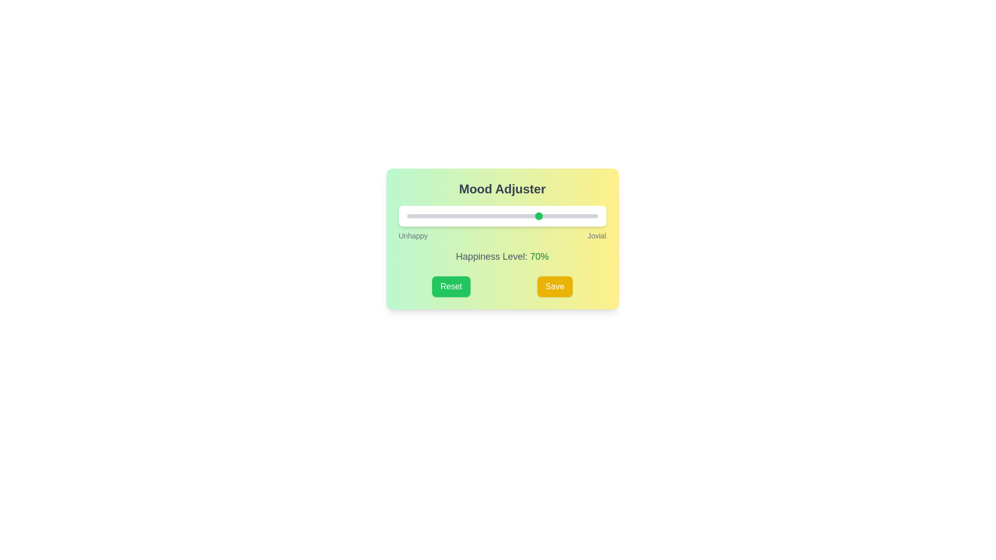 This screenshot has width=996, height=560. What do you see at coordinates (588, 215) in the screenshot?
I see `the slider to set the happiness level to 95%` at bounding box center [588, 215].